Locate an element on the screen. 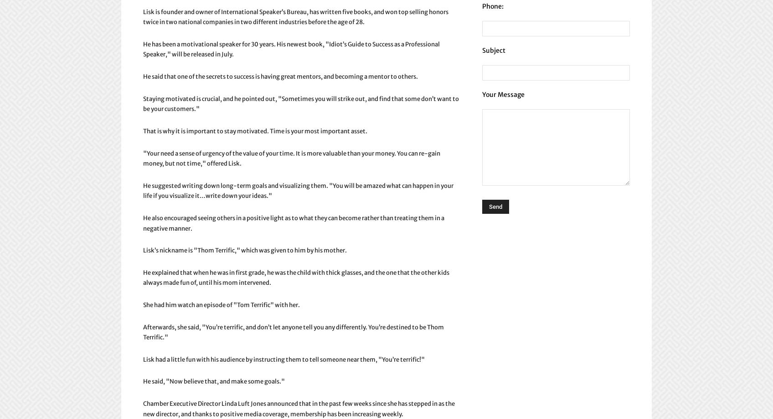  'Lisk’s nickname is "Thom Terrific,"  which was given to him by his mother.' is located at coordinates (143, 250).